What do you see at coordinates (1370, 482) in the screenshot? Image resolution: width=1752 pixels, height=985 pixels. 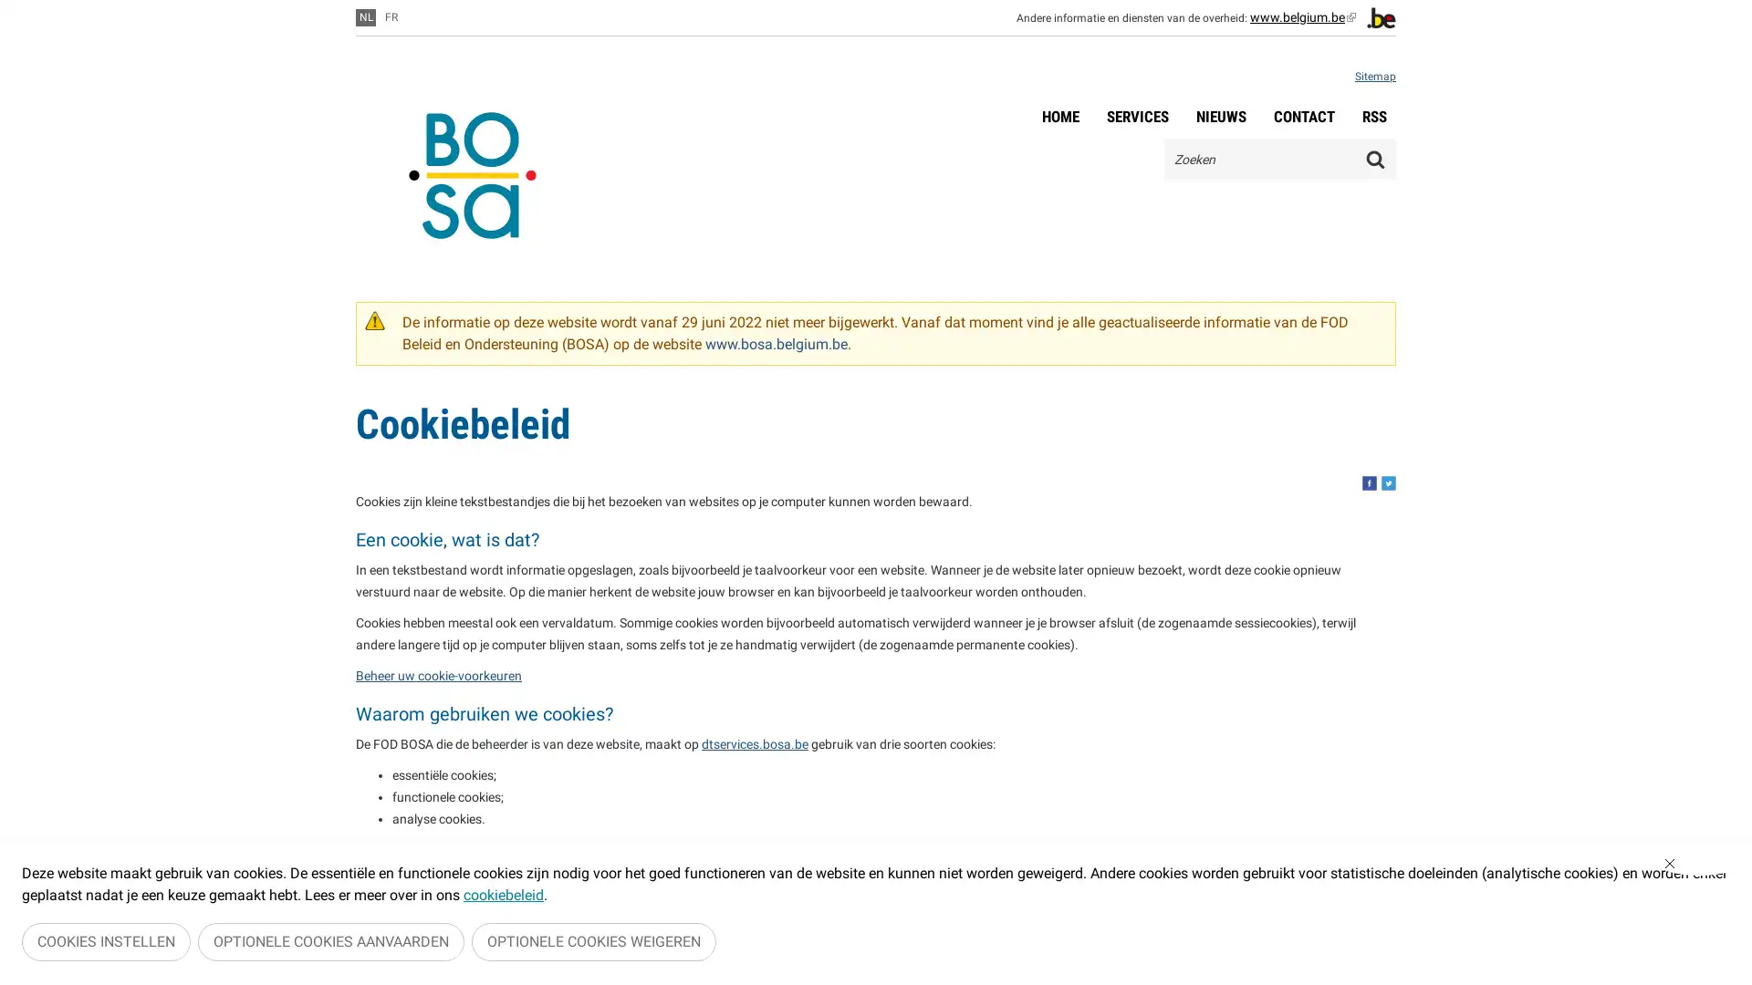 I see `Share this, facebook. This button opens a new window` at bounding box center [1370, 482].